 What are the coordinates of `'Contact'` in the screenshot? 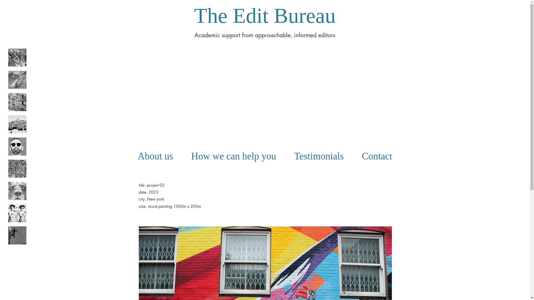 It's located at (377, 156).